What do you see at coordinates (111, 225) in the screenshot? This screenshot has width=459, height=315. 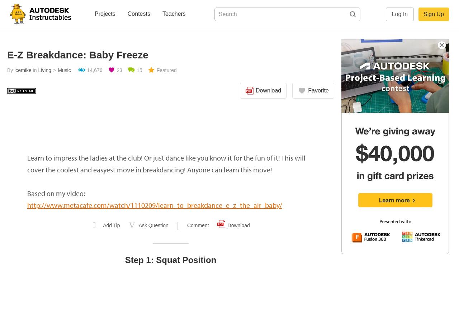 I see `'Add Tip'` at bounding box center [111, 225].